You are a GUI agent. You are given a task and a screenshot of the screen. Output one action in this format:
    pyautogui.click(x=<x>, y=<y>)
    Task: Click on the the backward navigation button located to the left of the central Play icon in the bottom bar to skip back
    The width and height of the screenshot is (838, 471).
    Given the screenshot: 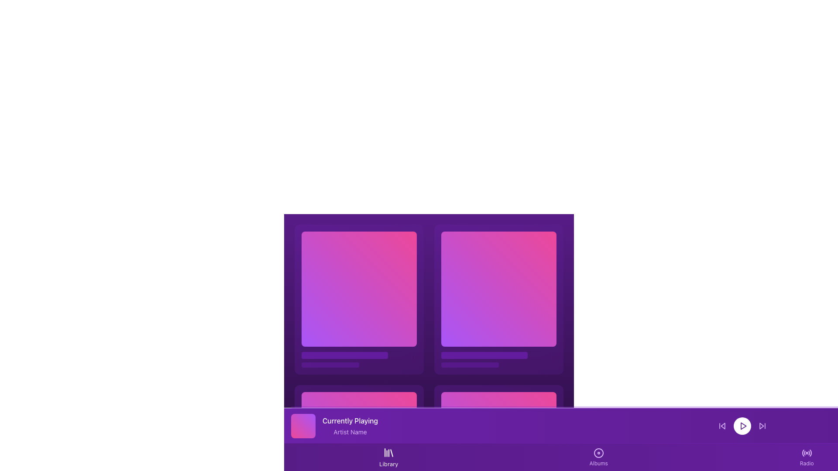 What is the action you would take?
    pyautogui.click(x=722, y=425)
    